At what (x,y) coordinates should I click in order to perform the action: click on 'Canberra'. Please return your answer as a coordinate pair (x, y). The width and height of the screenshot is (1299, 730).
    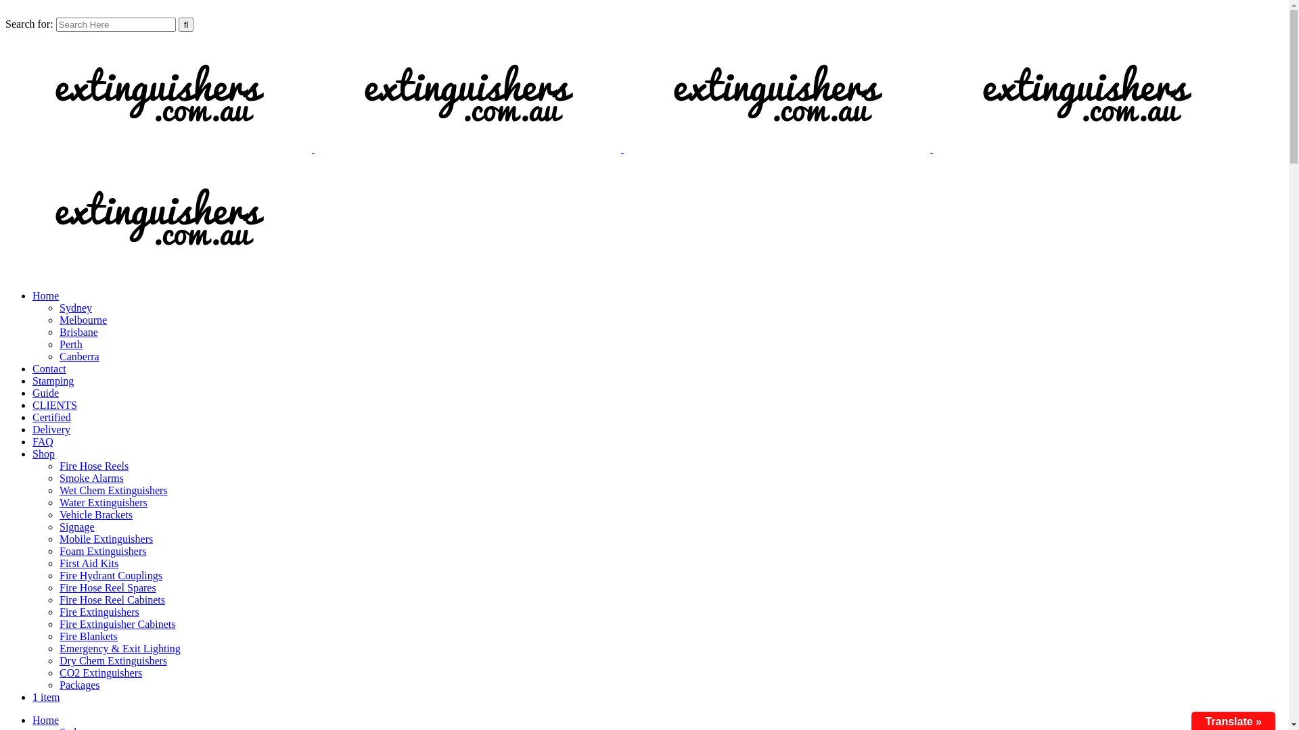
    Looking at the image, I should click on (78, 356).